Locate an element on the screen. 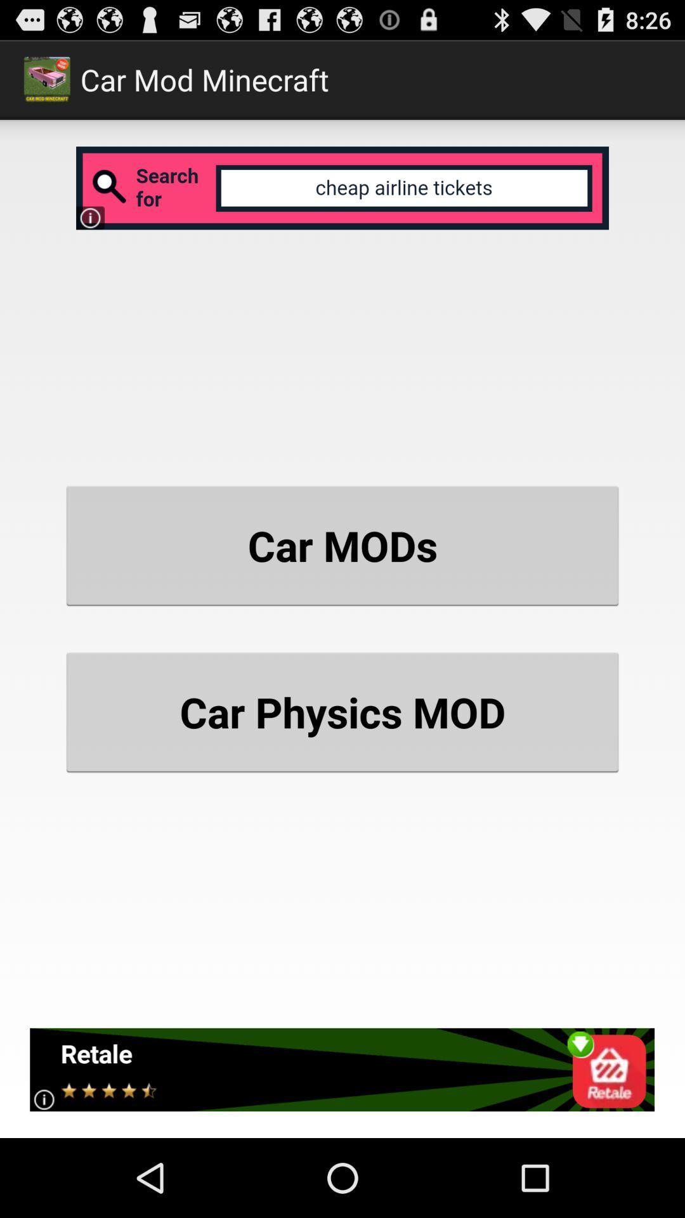 This screenshot has height=1218, width=685. item above the car mods item is located at coordinates (342, 187).